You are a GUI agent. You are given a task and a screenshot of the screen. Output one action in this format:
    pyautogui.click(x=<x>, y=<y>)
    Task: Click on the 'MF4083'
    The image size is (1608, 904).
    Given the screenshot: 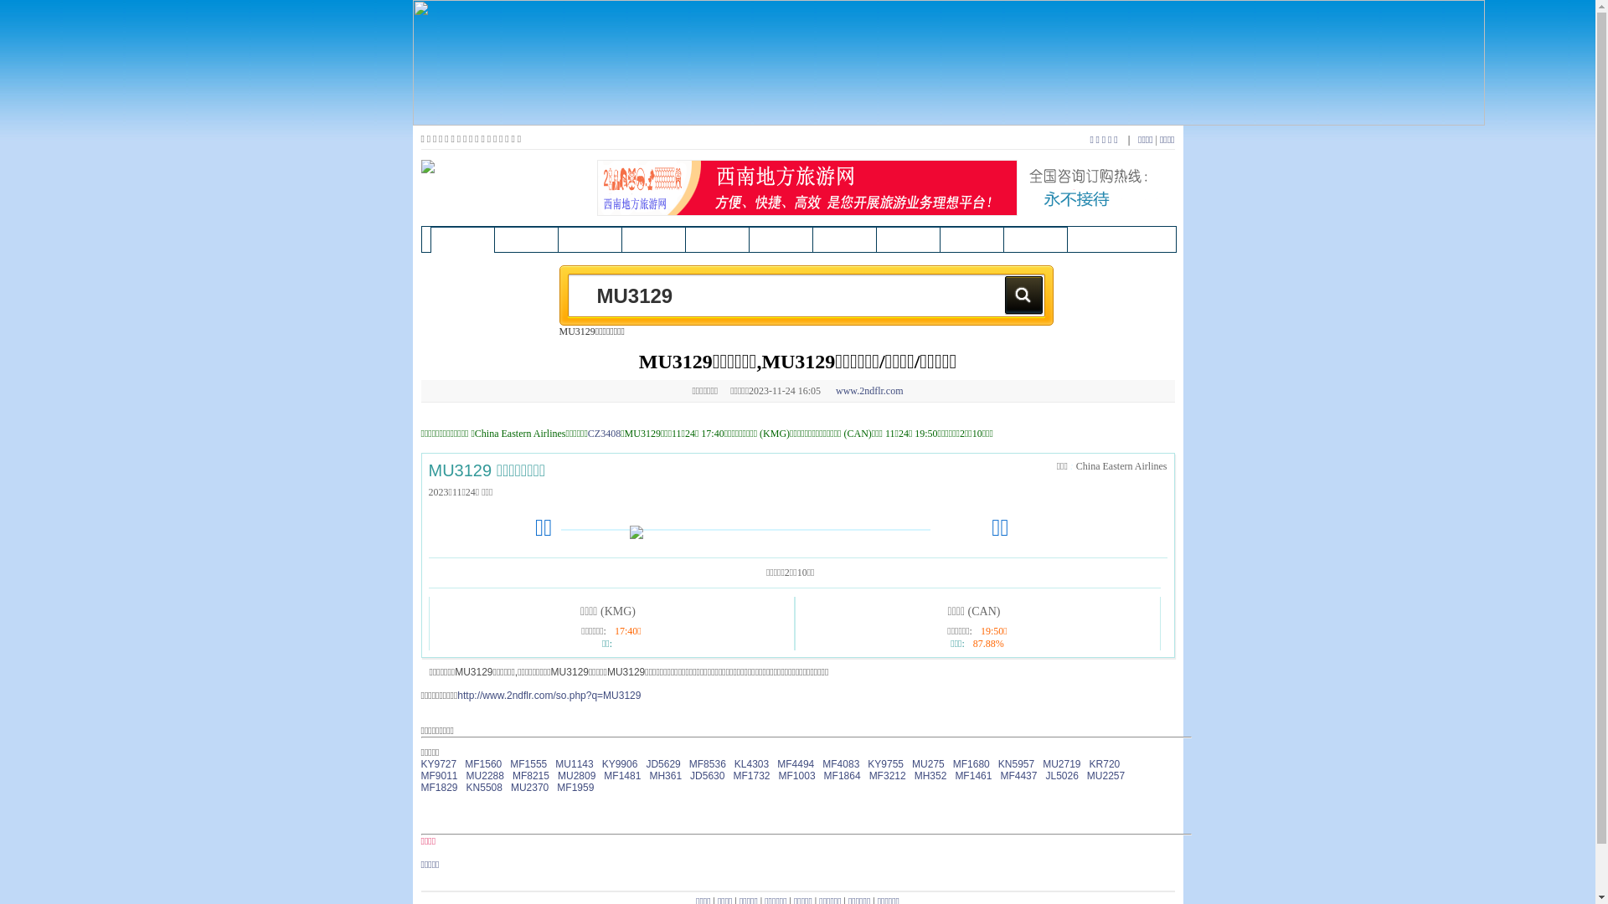 What is the action you would take?
    pyautogui.click(x=840, y=764)
    